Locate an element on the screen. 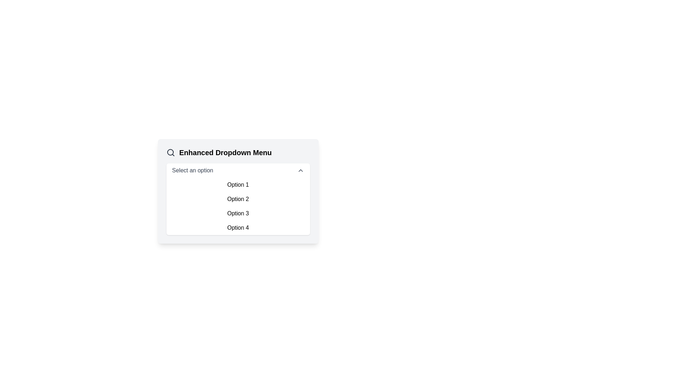 The height and width of the screenshot is (387, 689). outside the 'Enhanced Dropdown Menu' dropdown is located at coordinates (238, 191).